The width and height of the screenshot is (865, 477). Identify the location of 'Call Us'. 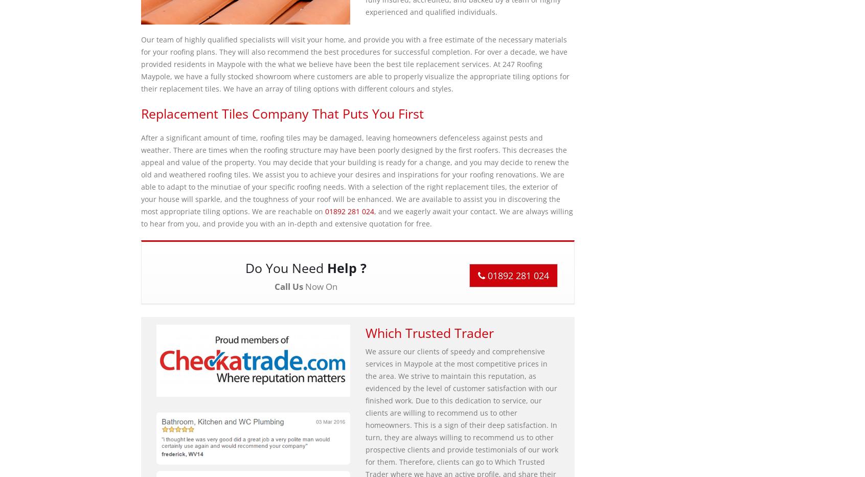
(288, 286).